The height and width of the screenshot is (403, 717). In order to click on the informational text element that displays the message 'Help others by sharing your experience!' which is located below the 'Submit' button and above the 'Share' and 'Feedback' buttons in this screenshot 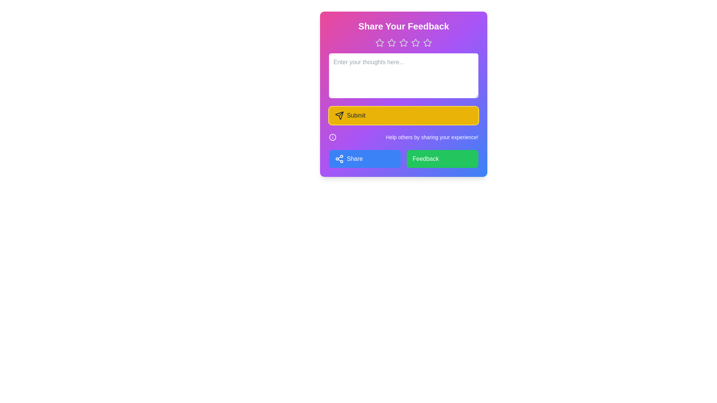, I will do `click(403, 137)`.